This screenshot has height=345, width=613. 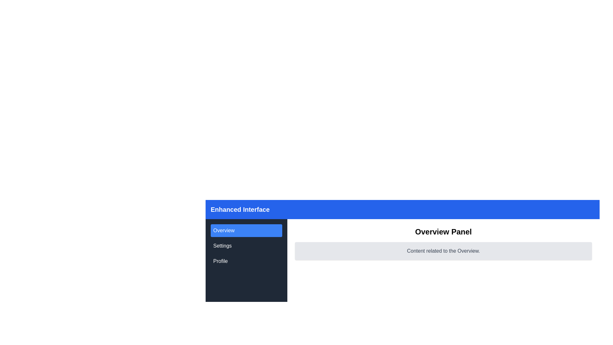 What do you see at coordinates (246, 246) in the screenshot?
I see `the 'Settings' item in the Navigation menu` at bounding box center [246, 246].